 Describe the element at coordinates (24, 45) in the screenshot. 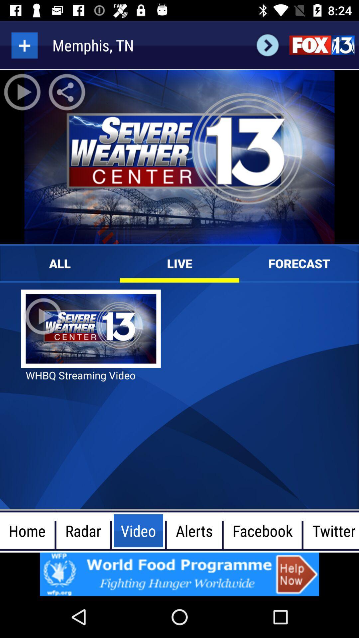

I see `the add icon` at that location.